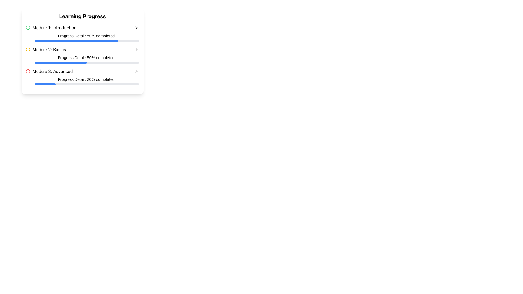 The image size is (523, 294). I want to click on the static text element that serves as the title for the first module in the learning progress interface, so click(54, 27).